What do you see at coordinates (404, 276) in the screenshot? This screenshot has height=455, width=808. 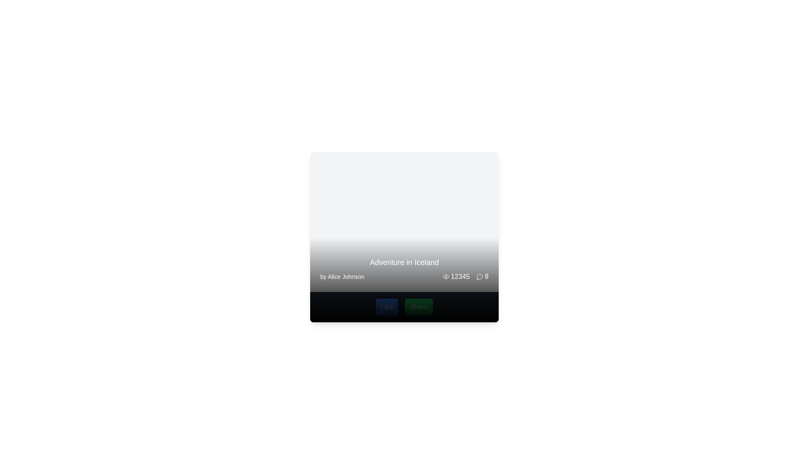 I see `the icons in the Metadata bar located below the title 'Adventure in Iceland', which provides information such as author, view count, and comment count` at bounding box center [404, 276].